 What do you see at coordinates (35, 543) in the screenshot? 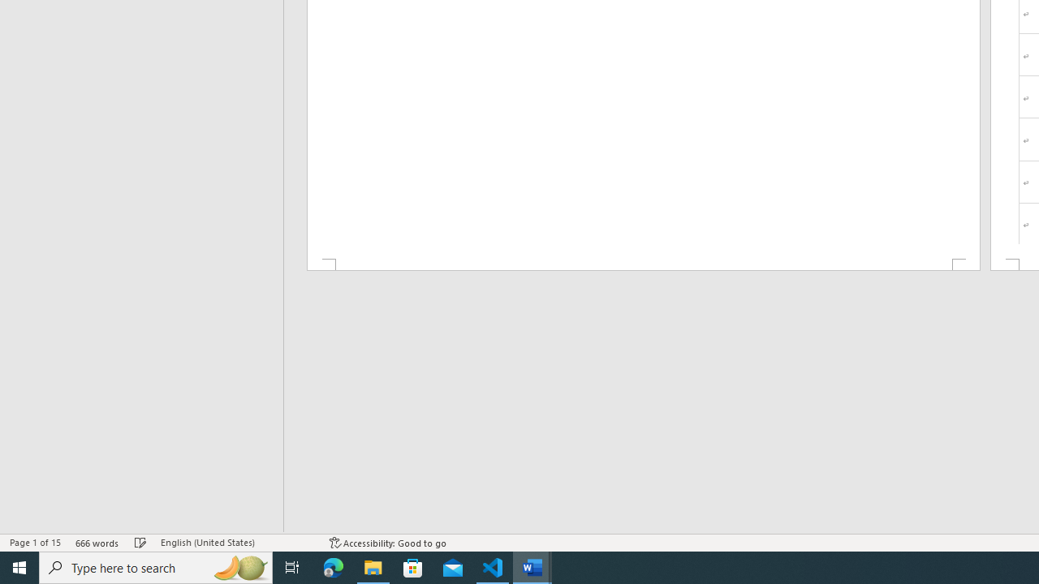
I see `'Page Number Page 1 of 15'` at bounding box center [35, 543].